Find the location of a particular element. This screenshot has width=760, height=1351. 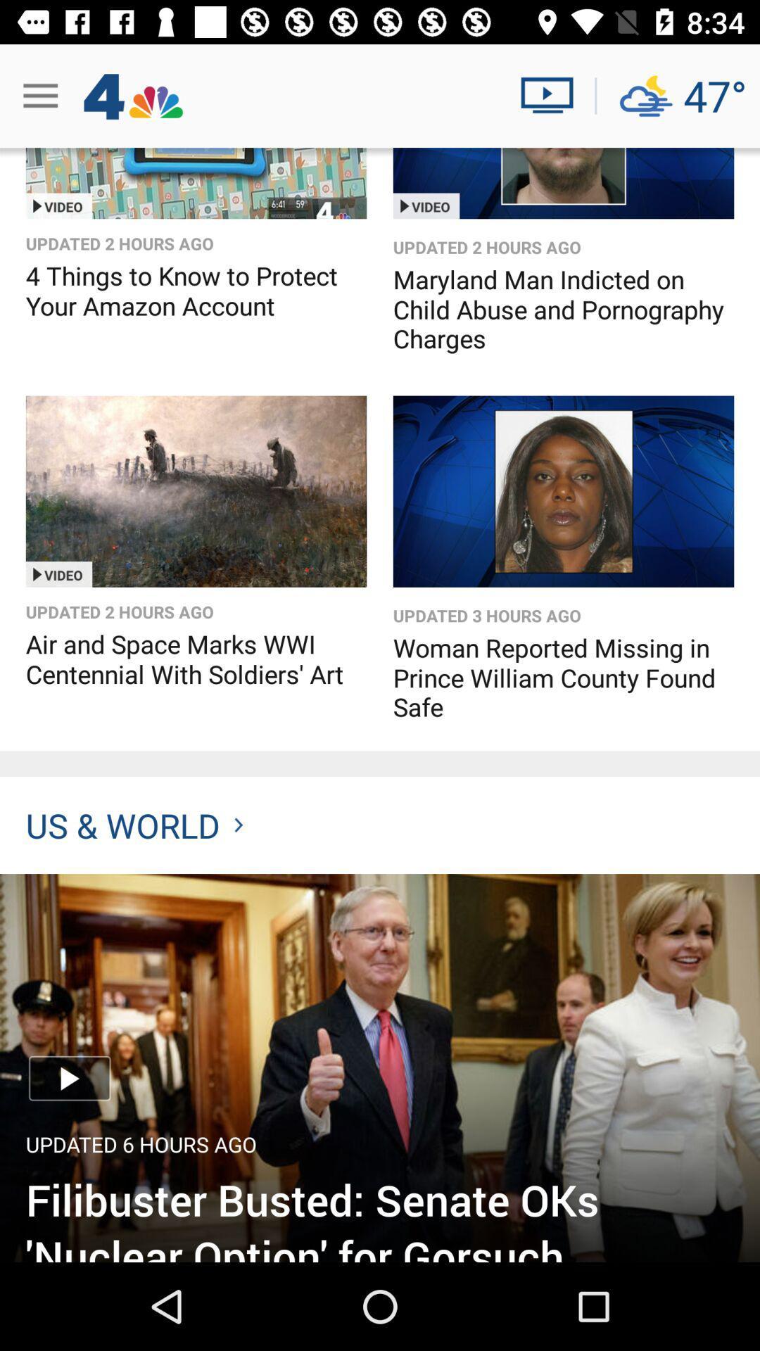

option is located at coordinates (196, 182).